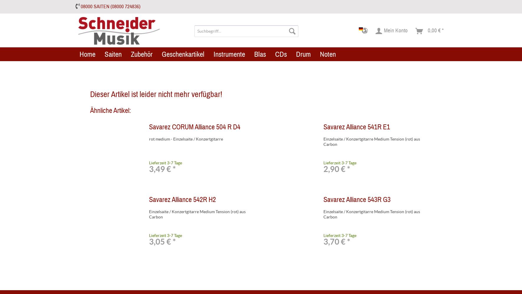 The image size is (522, 294). What do you see at coordinates (229, 54) in the screenshot?
I see `'Instrumente'` at bounding box center [229, 54].